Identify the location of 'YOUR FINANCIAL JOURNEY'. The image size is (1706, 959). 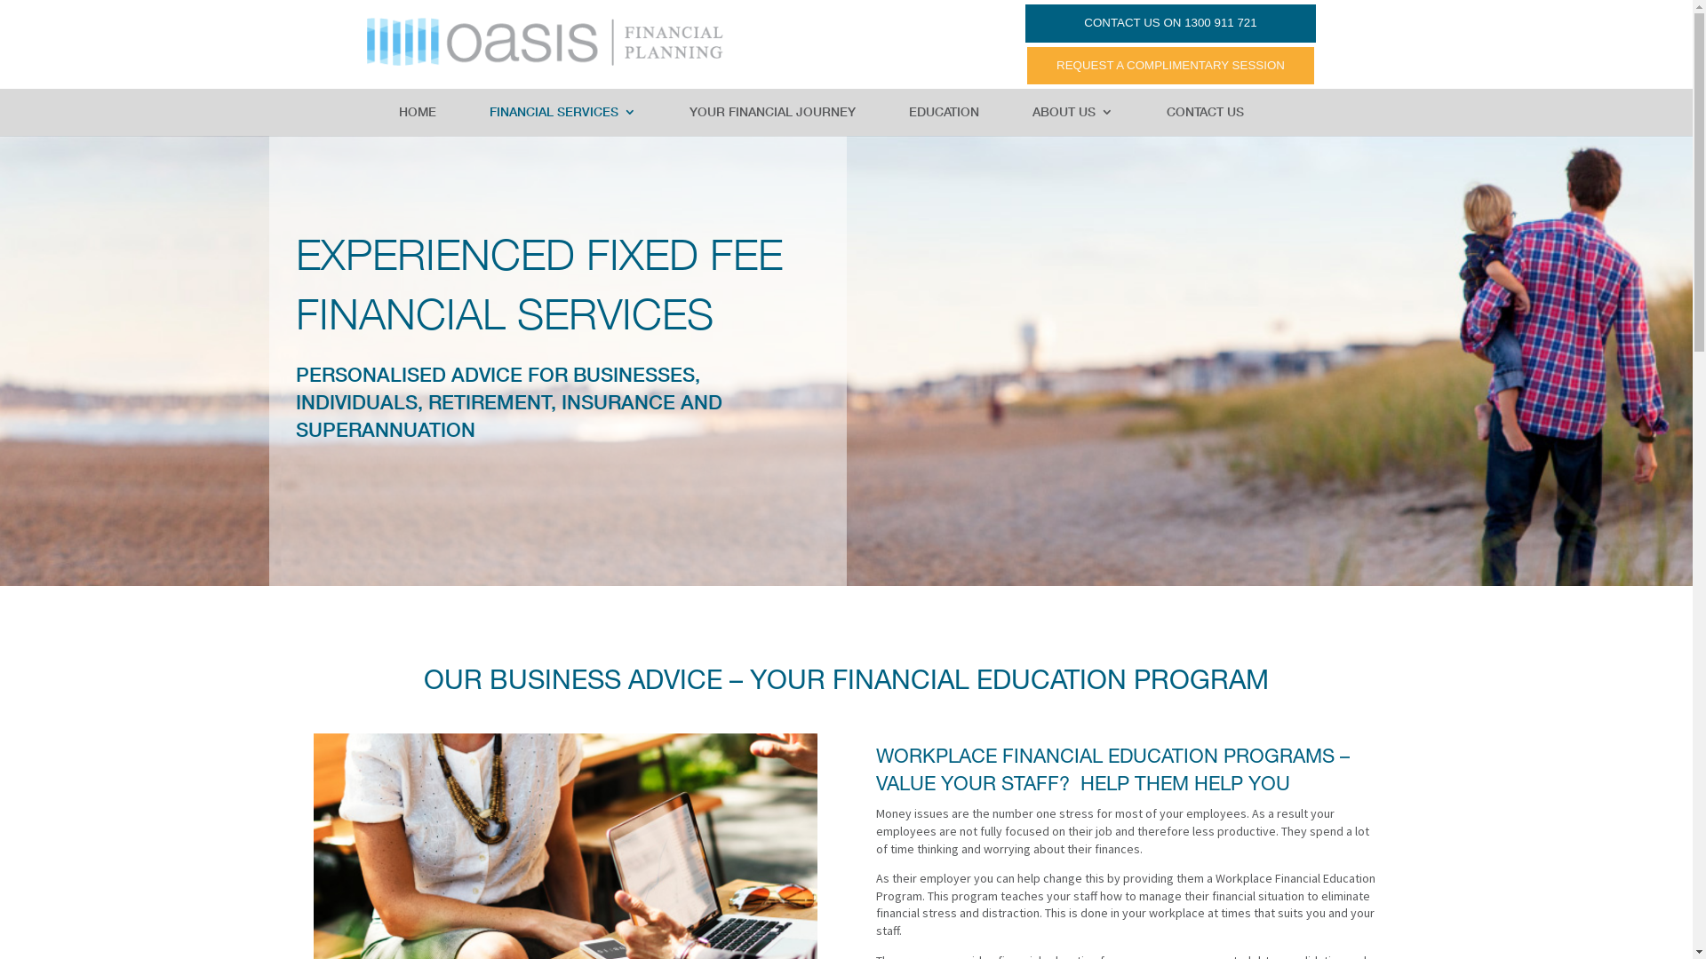
(772, 120).